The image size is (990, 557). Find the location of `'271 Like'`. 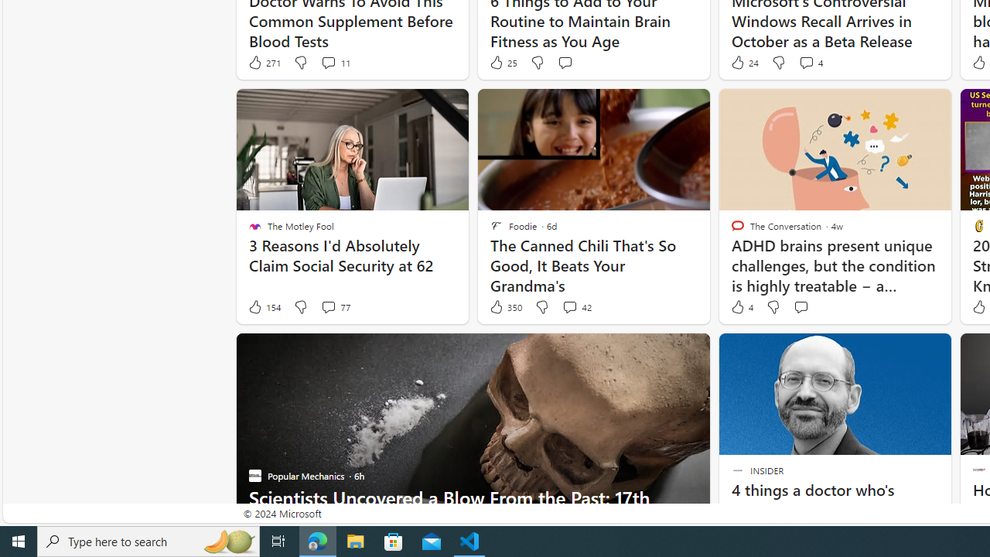

'271 Like' is located at coordinates (264, 62).